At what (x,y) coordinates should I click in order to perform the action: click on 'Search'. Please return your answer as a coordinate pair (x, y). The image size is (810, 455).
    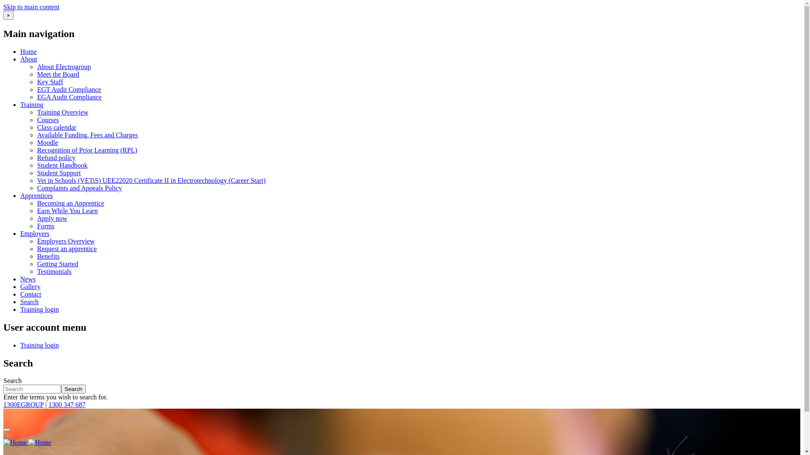
    Looking at the image, I should click on (73, 389).